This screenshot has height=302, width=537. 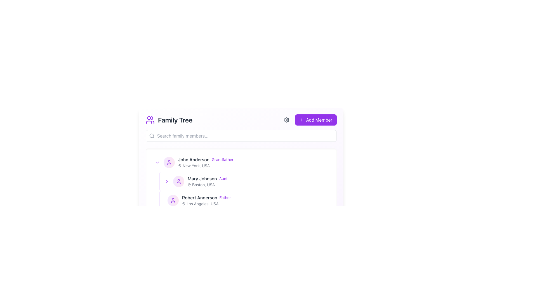 What do you see at coordinates (241, 181) in the screenshot?
I see `the list item representing Mary Johnson, the aunt from Boston, USA` at bounding box center [241, 181].